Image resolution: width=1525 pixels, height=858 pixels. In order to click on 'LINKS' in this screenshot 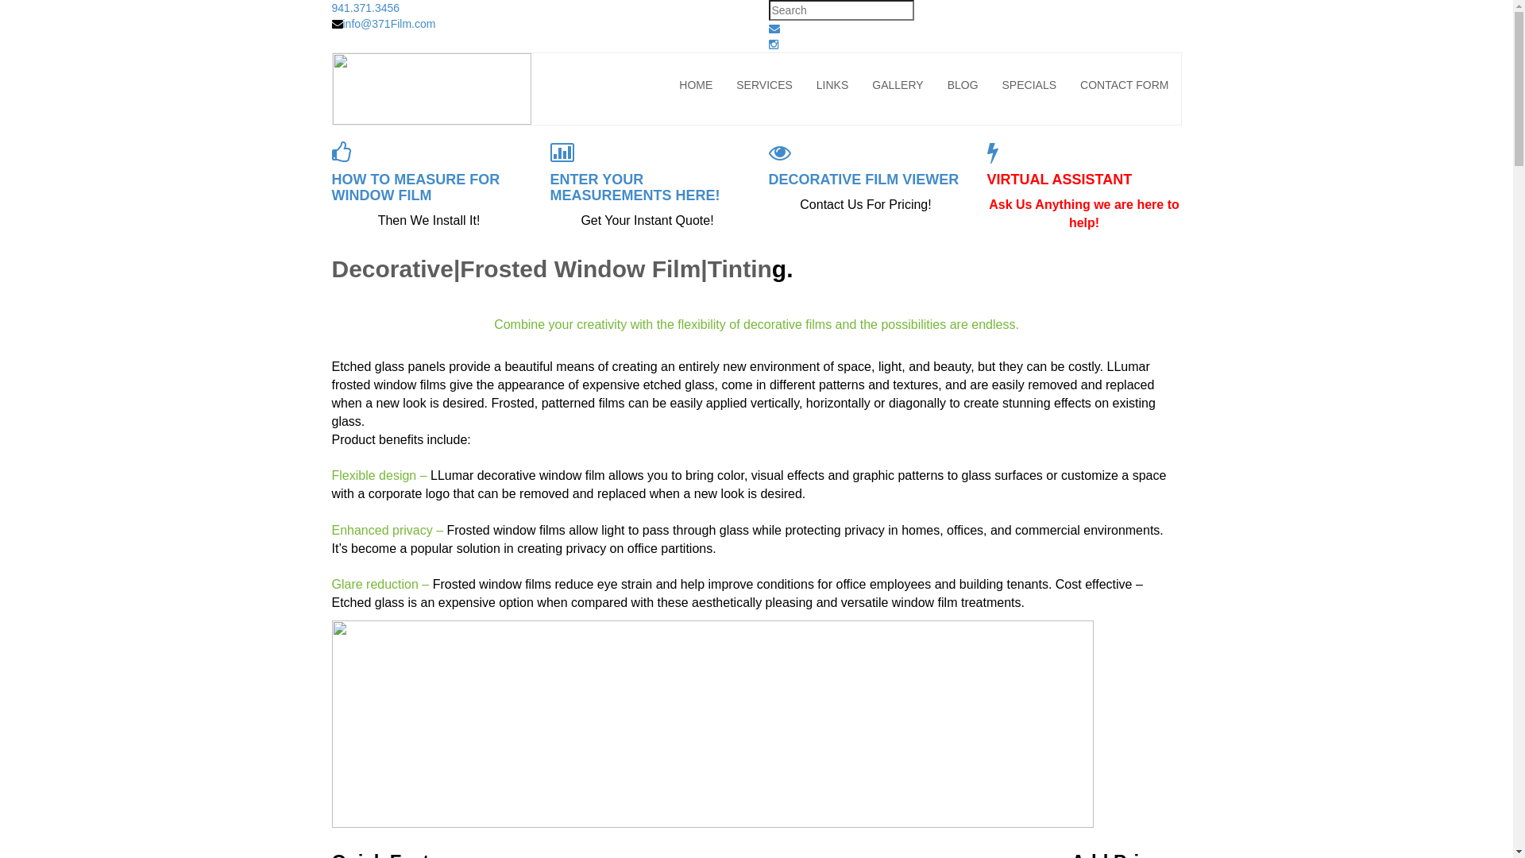, I will do `click(831, 85)`.